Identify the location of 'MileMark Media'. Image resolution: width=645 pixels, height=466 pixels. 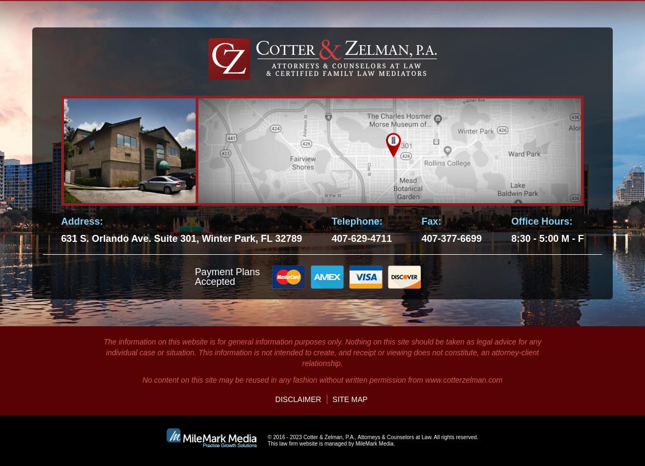
(374, 443).